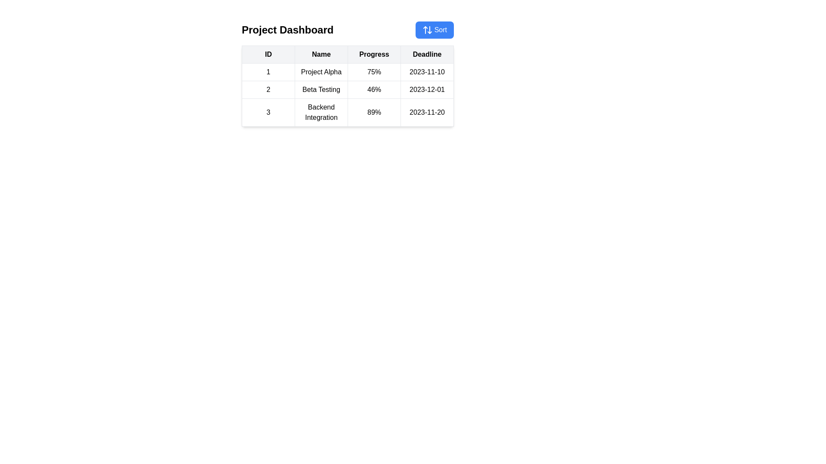 This screenshot has height=464, width=826. What do you see at coordinates (434, 29) in the screenshot?
I see `the 'Sort' button with a blue background and white text, located near the top-right corner of the interface, to sort the data` at bounding box center [434, 29].